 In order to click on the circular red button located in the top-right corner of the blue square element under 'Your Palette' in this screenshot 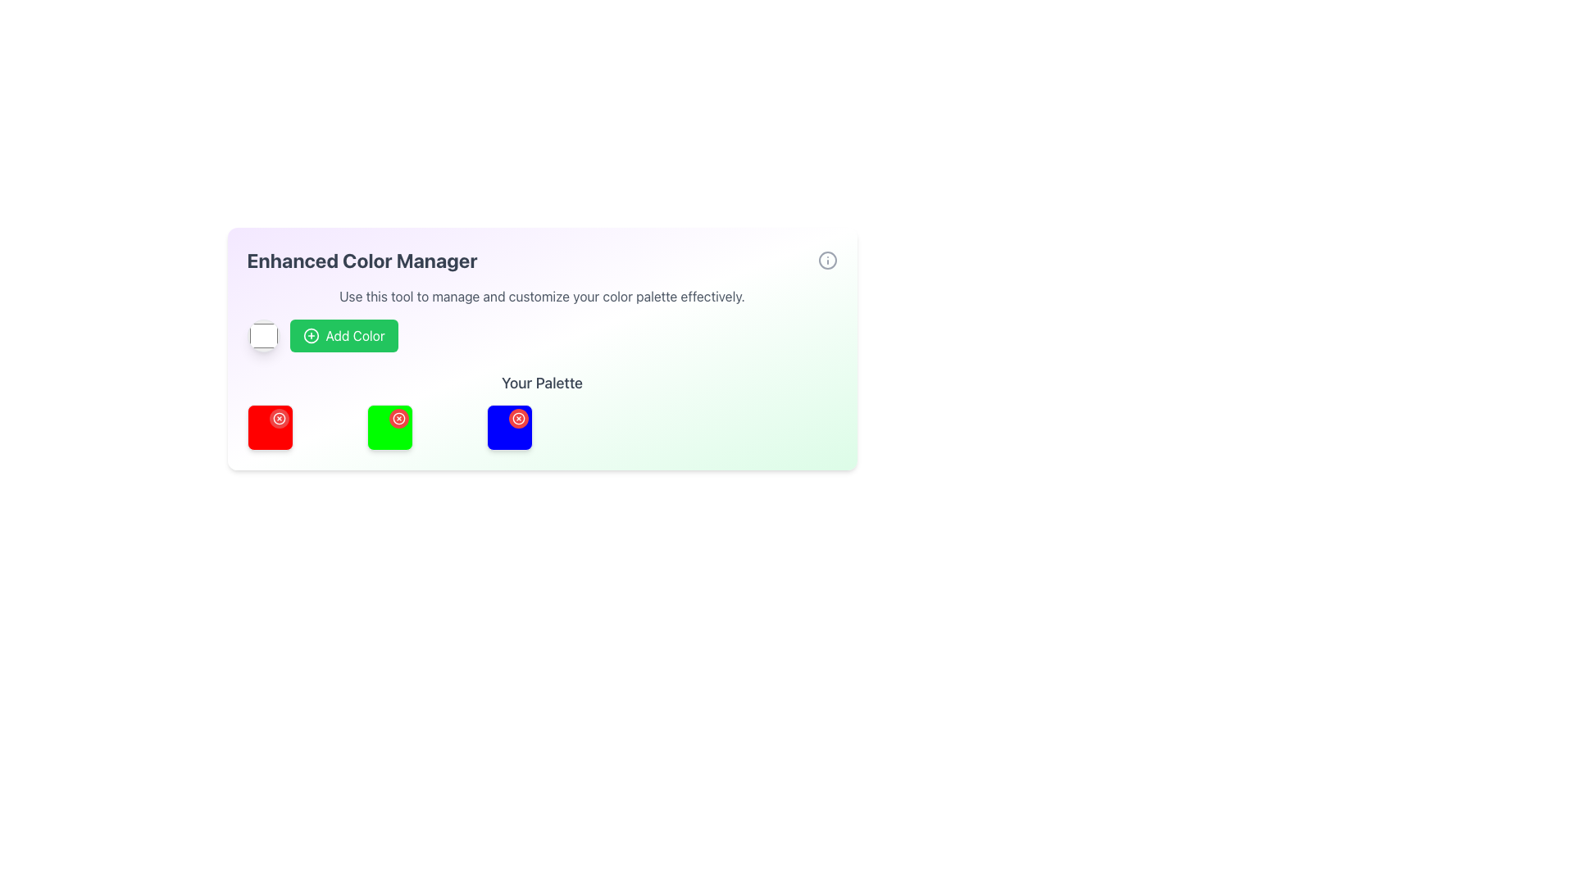, I will do `click(518, 417)`.